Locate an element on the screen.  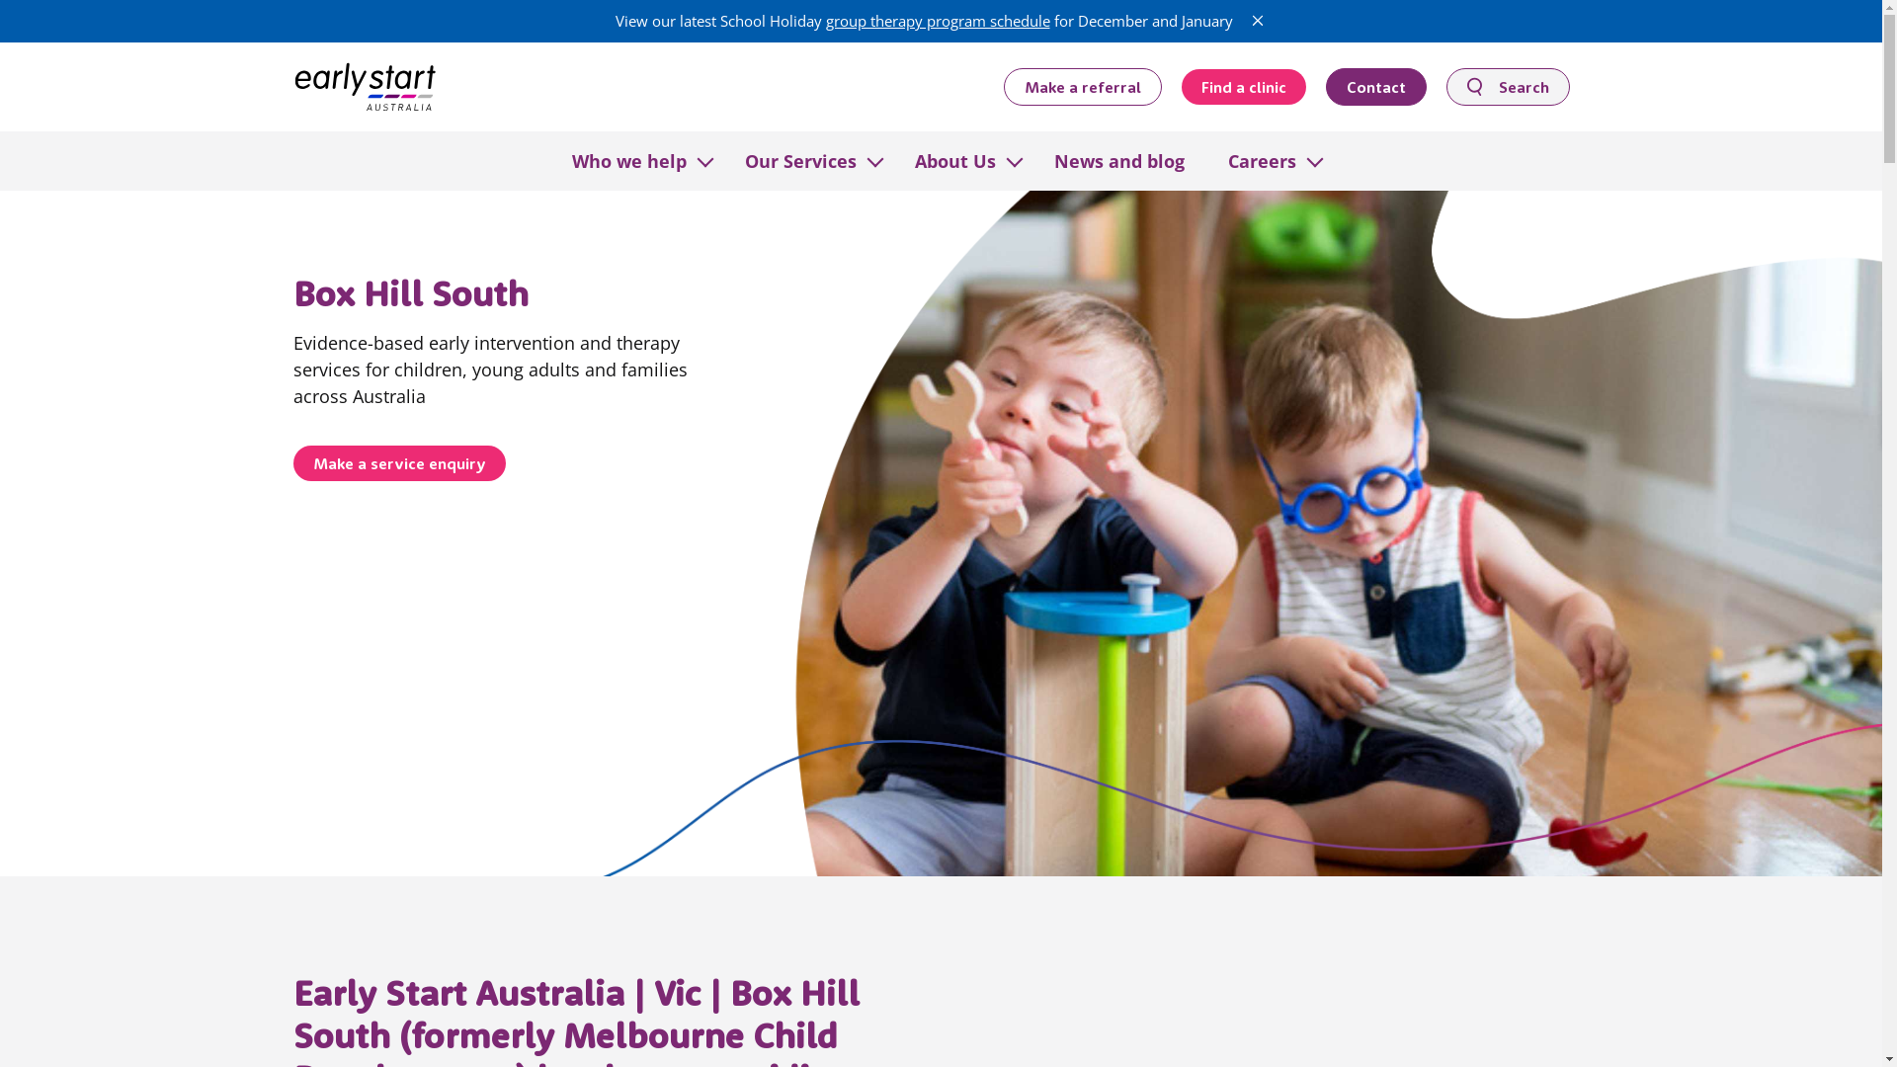
'Search' is located at coordinates (1507, 85).